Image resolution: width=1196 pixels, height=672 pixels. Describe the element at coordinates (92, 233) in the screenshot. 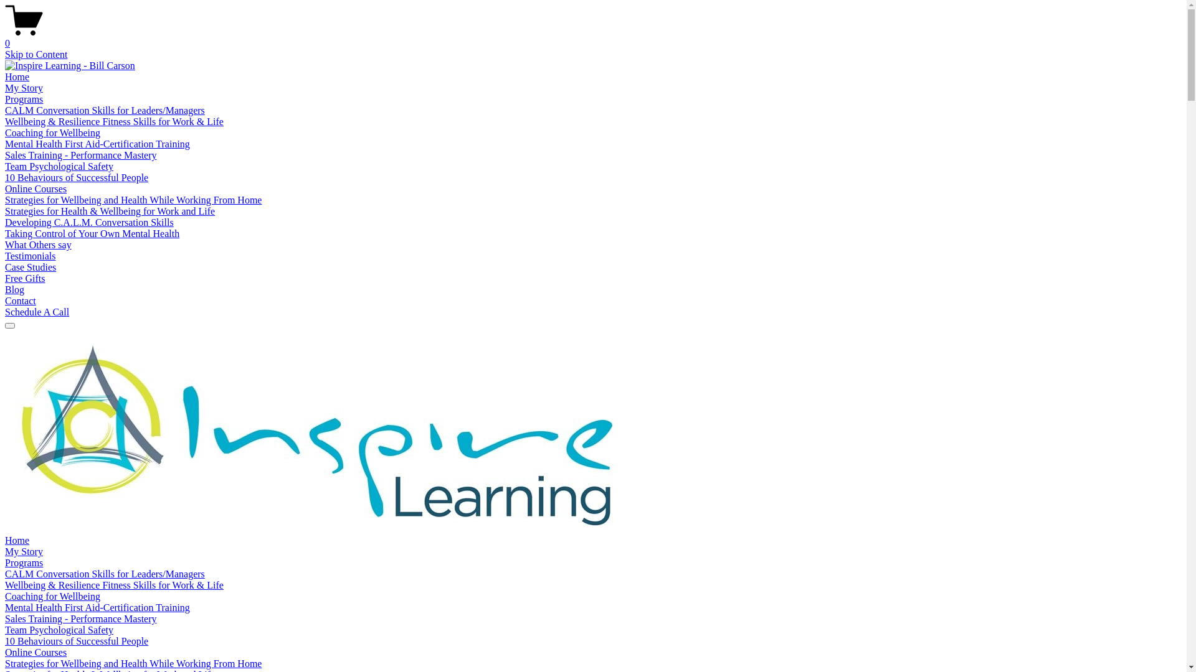

I see `'Taking Control of Your Own Mental Health'` at that location.